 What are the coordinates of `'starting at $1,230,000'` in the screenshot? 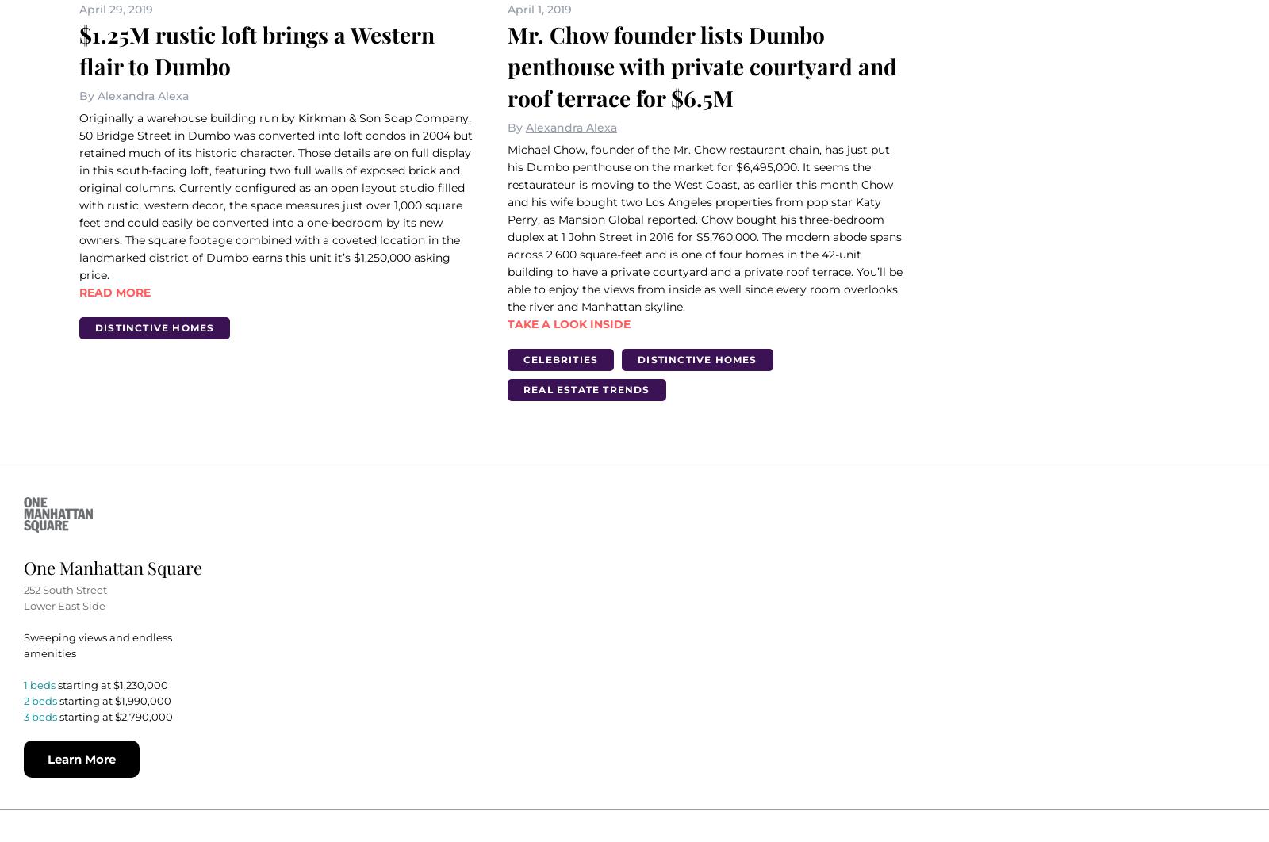 It's located at (112, 683).